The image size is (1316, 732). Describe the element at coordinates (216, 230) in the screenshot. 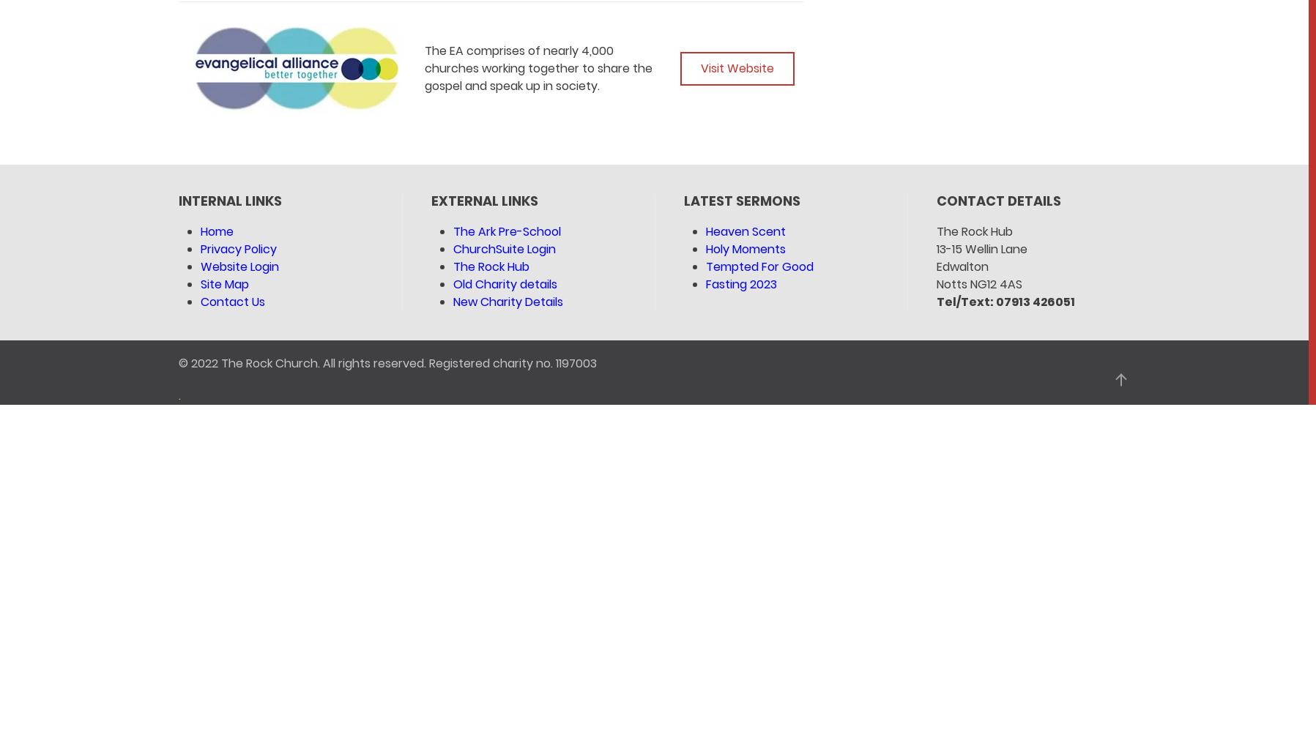

I see `'Home'` at that location.